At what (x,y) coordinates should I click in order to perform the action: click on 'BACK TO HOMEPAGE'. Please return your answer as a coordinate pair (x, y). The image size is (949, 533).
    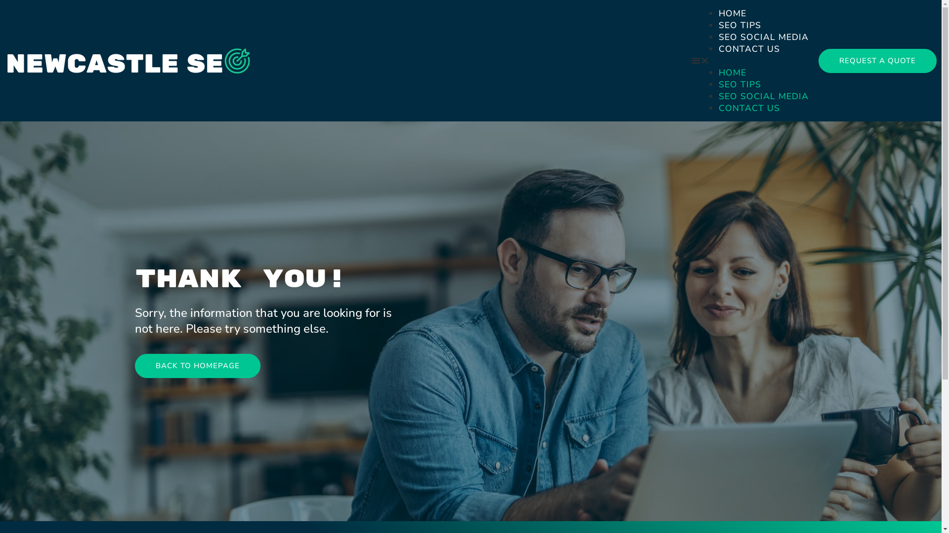
    Looking at the image, I should click on (134, 366).